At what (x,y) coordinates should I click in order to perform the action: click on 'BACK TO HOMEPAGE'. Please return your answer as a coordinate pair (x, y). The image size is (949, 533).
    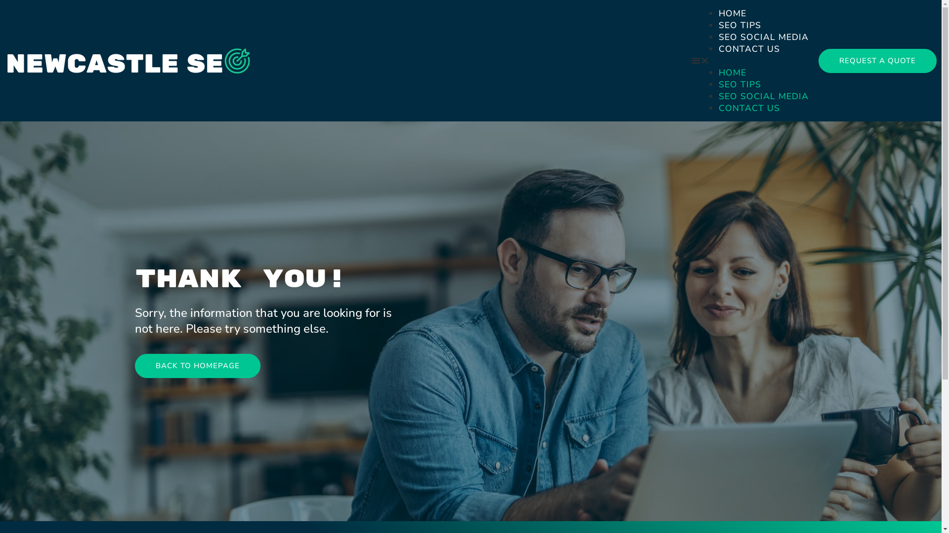
    Looking at the image, I should click on (134, 366).